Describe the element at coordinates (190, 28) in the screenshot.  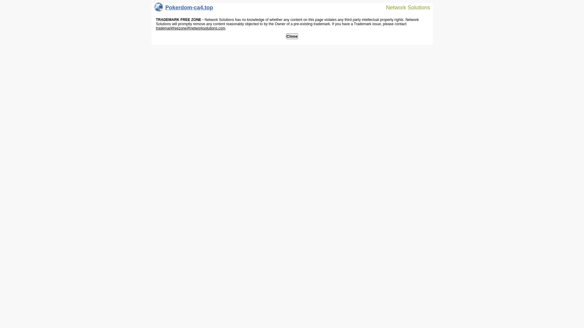
I see `'trademarkfreezone@networksolutions.com'` at that location.